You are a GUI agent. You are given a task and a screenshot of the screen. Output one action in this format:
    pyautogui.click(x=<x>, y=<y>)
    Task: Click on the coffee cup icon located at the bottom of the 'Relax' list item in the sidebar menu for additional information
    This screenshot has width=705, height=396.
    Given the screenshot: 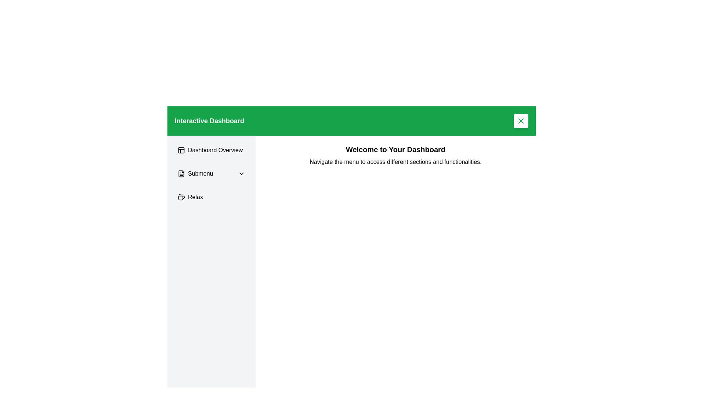 What is the action you would take?
    pyautogui.click(x=181, y=198)
    